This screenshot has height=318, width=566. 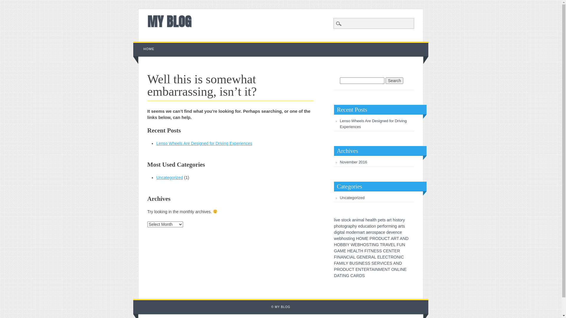 I want to click on 'C', so click(x=352, y=276).